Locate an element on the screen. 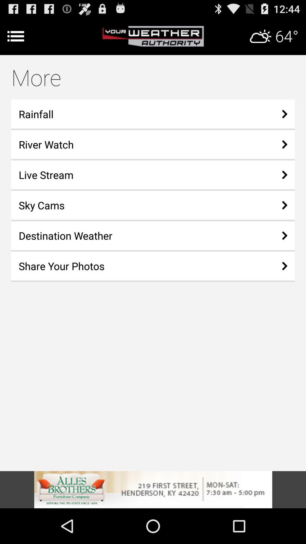  the icon at the bottom is located at coordinates (153, 489).